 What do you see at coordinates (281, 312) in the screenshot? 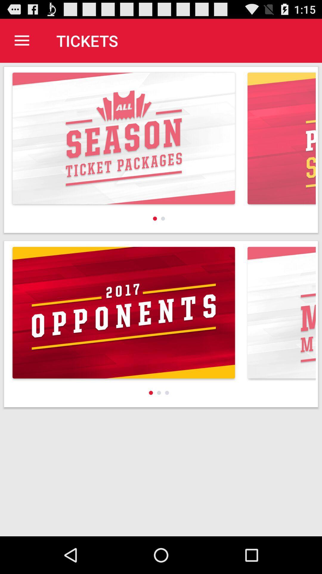
I see `right corner image at bottom` at bounding box center [281, 312].